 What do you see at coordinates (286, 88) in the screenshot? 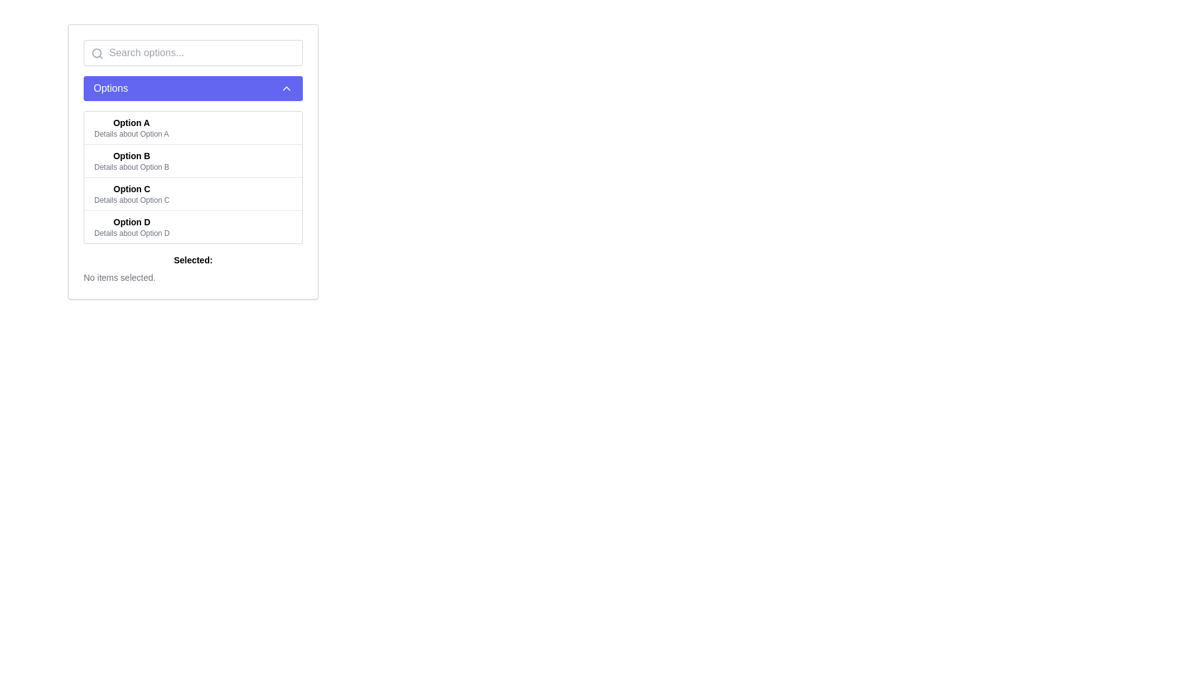
I see `the small upward-pointing chevron icon located at the far right end of the 'Options' button` at bounding box center [286, 88].